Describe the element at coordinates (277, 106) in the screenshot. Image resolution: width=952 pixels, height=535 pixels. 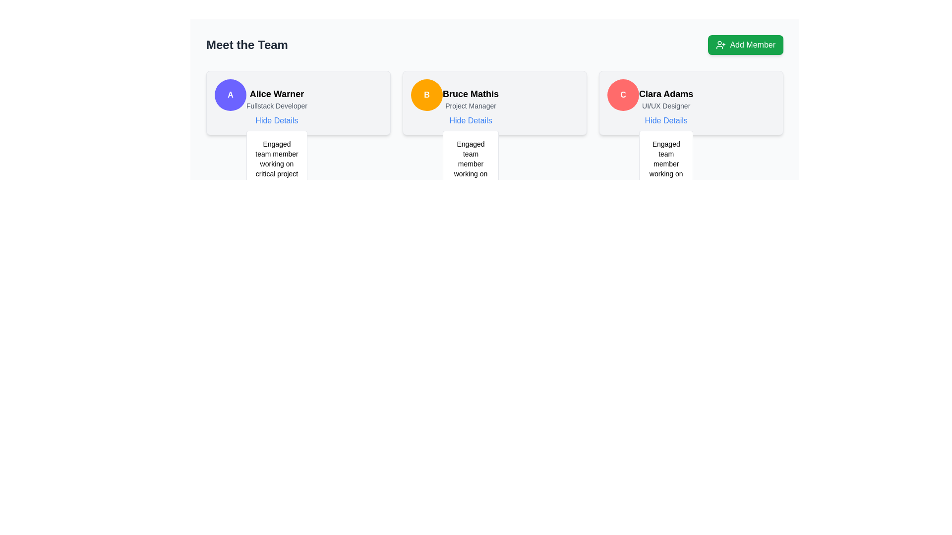
I see `the static text label indicating the role or position of the individual named 'Alice Warner' in the leftmost profile card of the 'Meet the Team' section` at that location.